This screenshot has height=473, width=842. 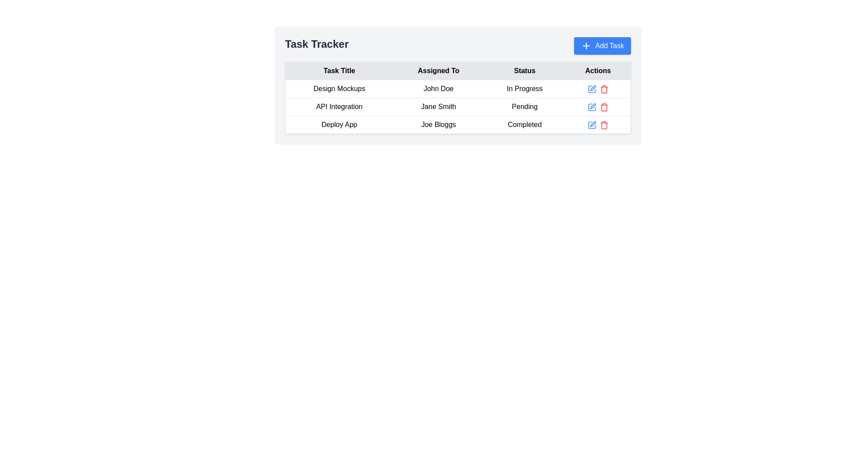 What do you see at coordinates (439, 89) in the screenshot?
I see `text label displaying 'John Doe', which is located in the second column of the first data row of a table, flanked by 'Design Mockups' and 'In Progress'` at bounding box center [439, 89].